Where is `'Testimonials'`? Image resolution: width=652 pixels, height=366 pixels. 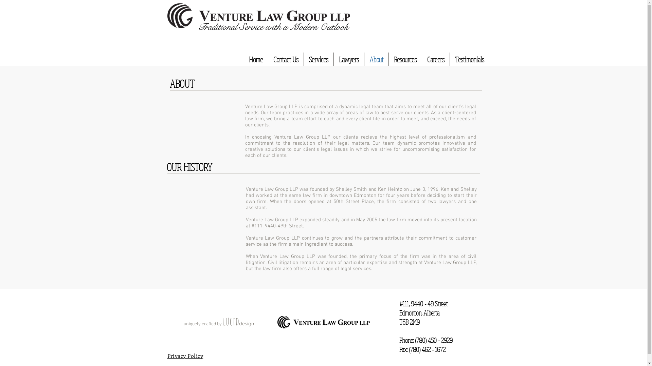 'Testimonials' is located at coordinates (450, 59).